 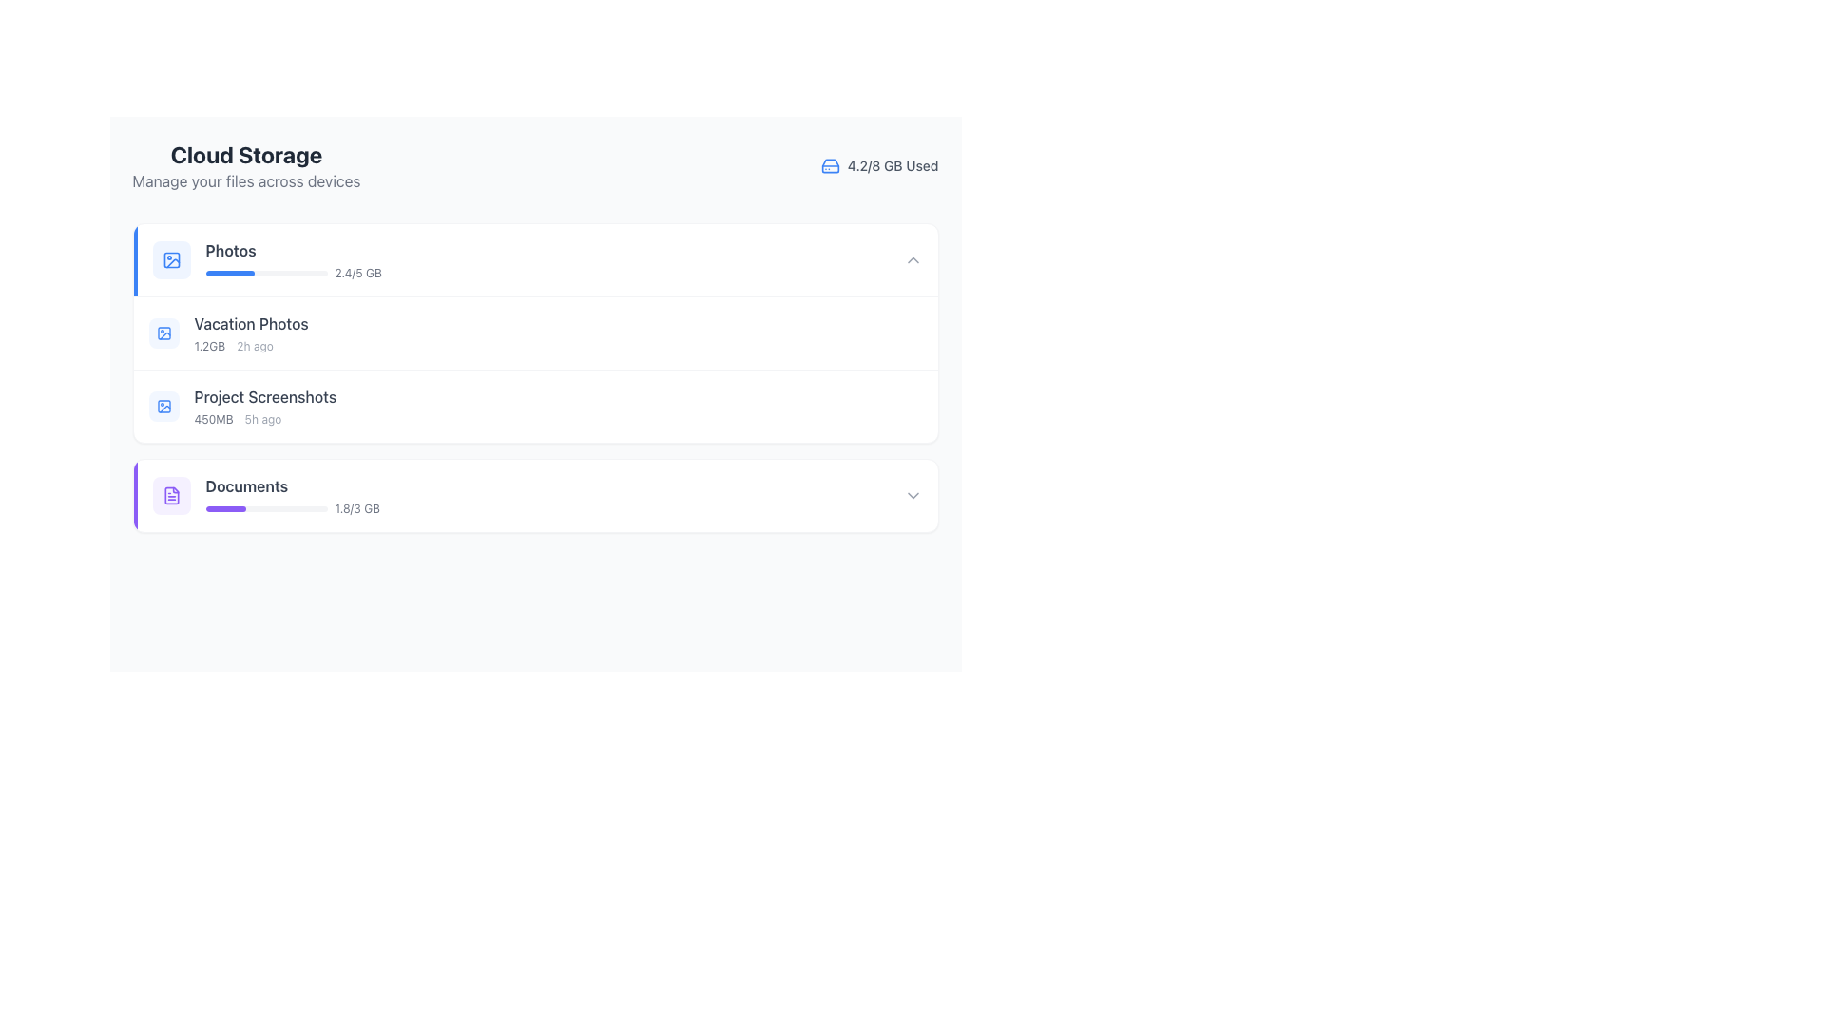 What do you see at coordinates (163, 406) in the screenshot?
I see `properties of the decorative graphic or icon component located within the third entry of the 'Project Screenshots' list, which is near the left side of the entry and next to a red and white square-shaped icon` at bounding box center [163, 406].